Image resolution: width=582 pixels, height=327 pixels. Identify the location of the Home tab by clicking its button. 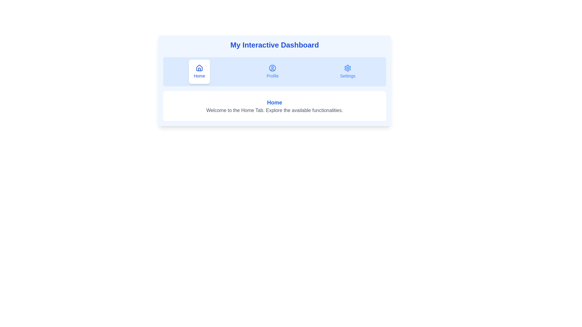
(199, 71).